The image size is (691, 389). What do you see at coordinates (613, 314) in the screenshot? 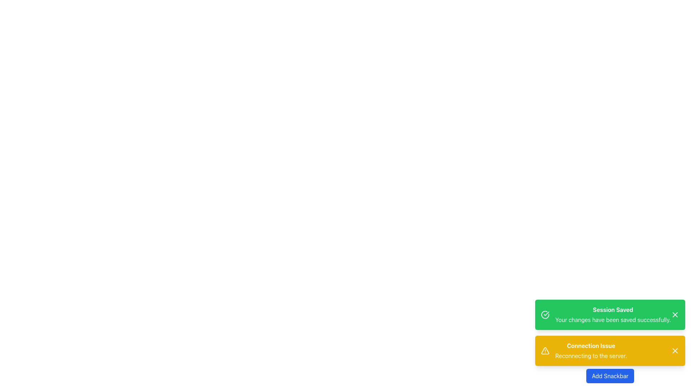
I see `the 'Session Saved' text label which is part of a green message box indicating a successful save notification` at bounding box center [613, 314].